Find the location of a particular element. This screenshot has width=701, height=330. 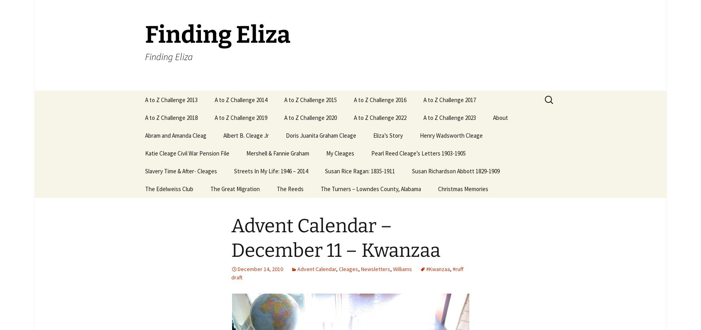

'Abram and Amanda Cleag' is located at coordinates (175, 135).